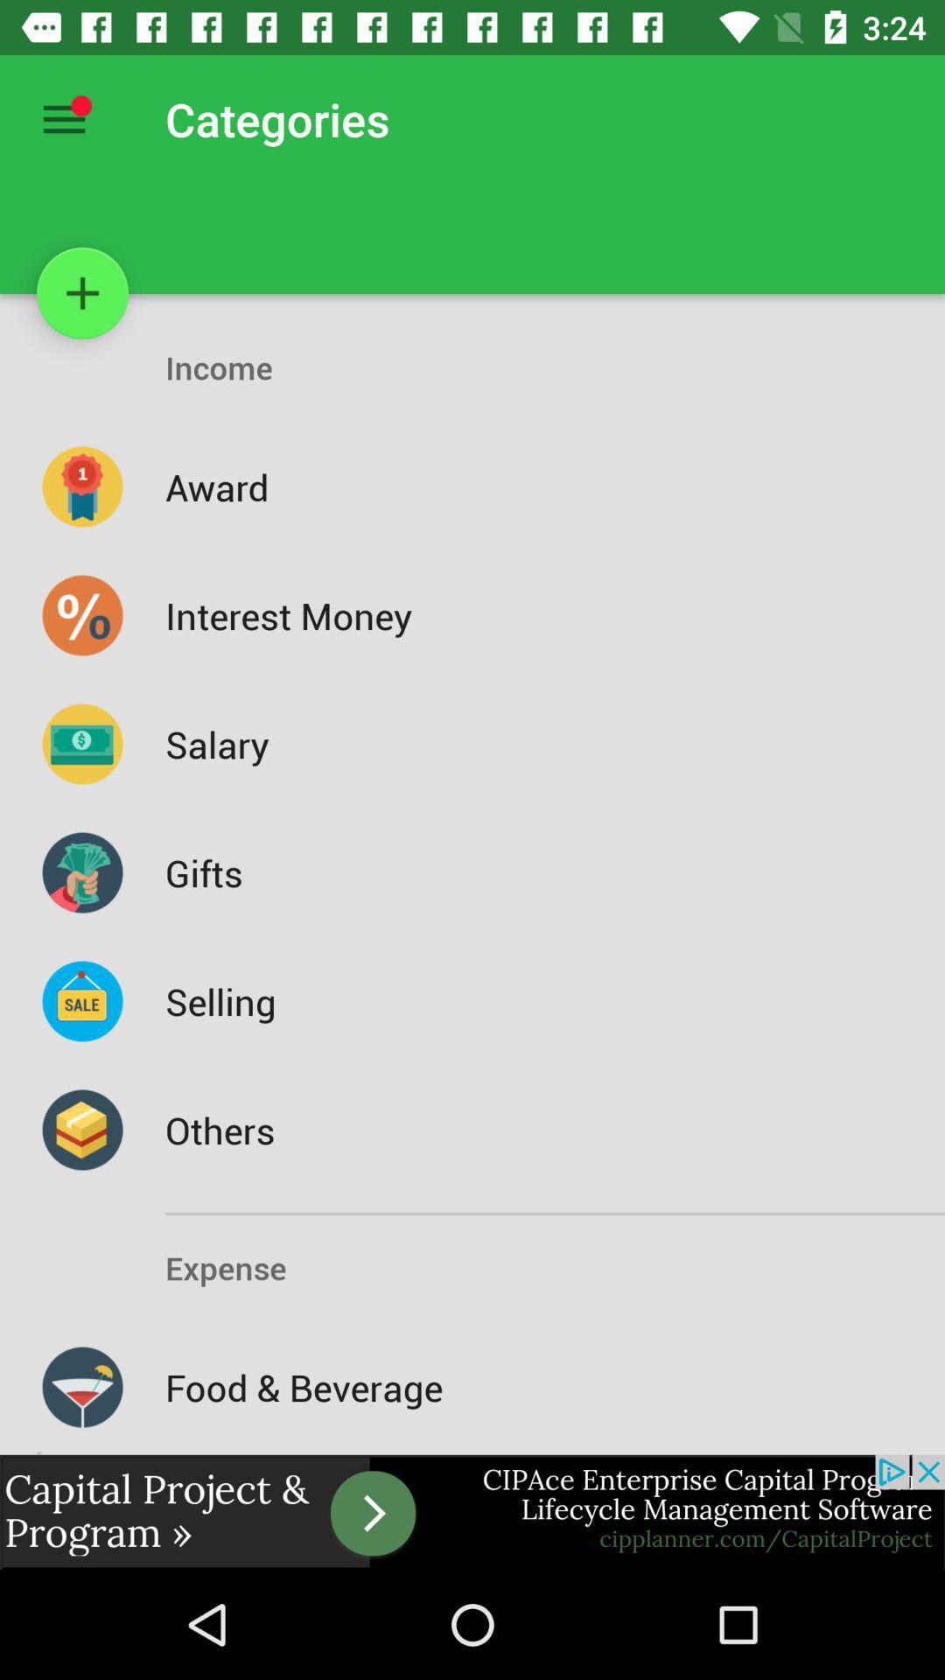 This screenshot has width=945, height=1680. What do you see at coordinates (63, 118) in the screenshot?
I see `options menu` at bounding box center [63, 118].